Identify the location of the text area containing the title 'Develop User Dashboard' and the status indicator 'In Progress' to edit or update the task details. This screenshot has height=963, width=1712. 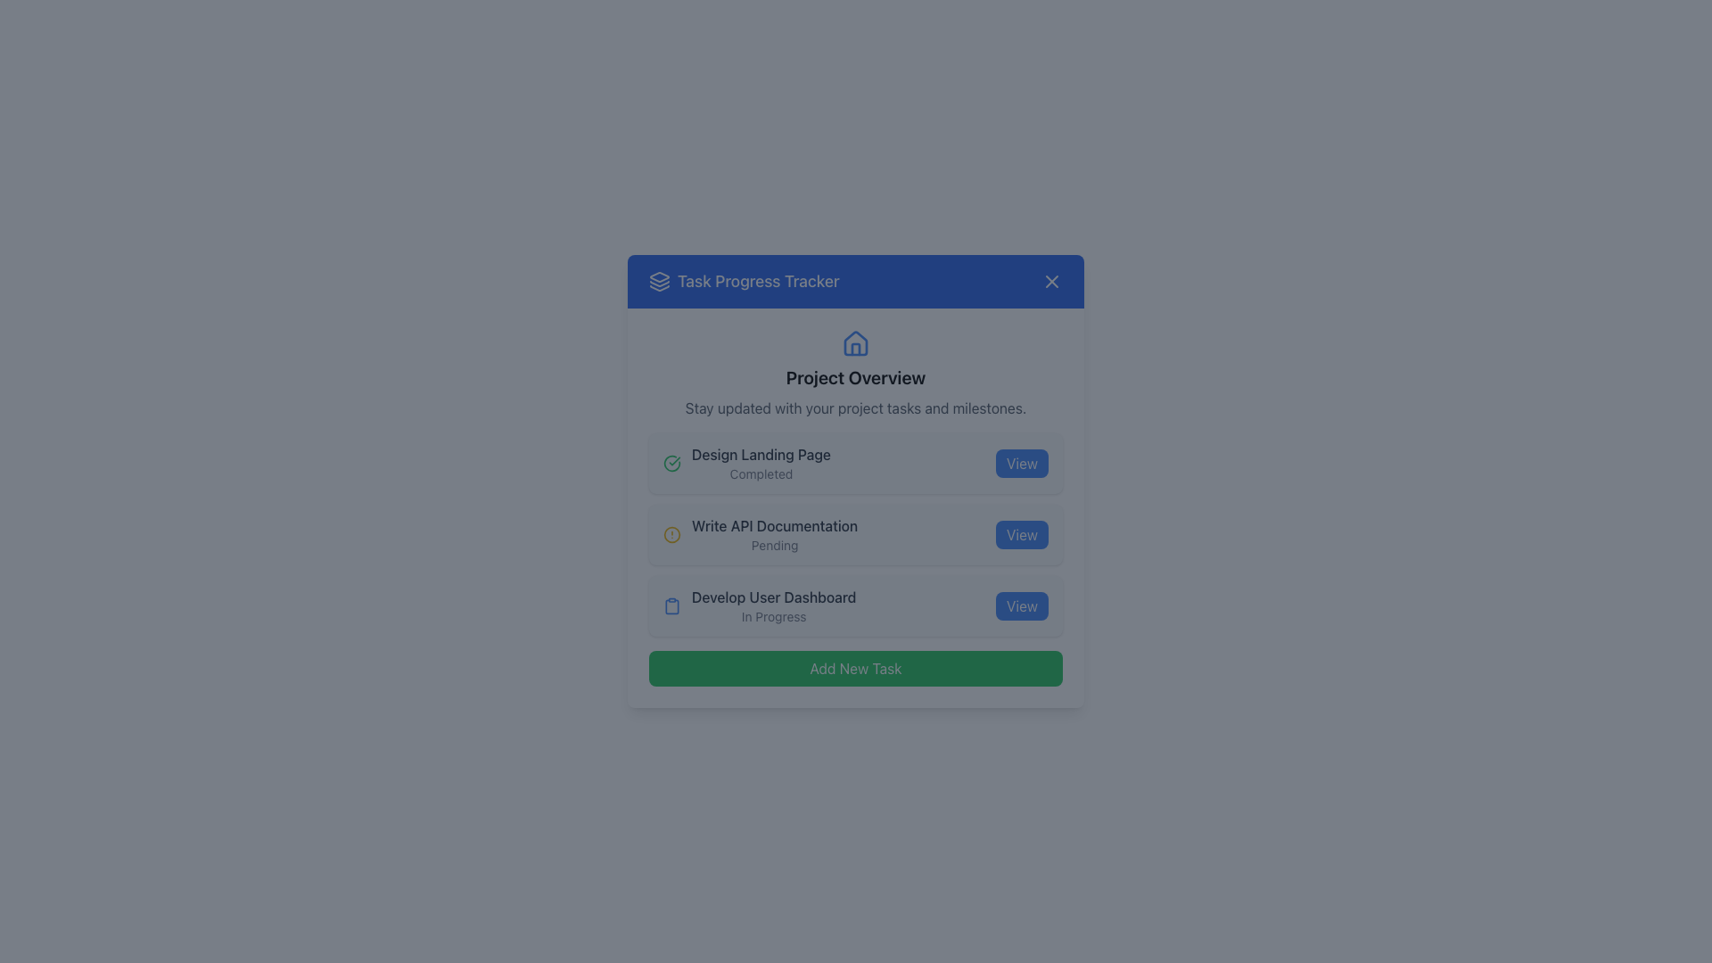
(774, 605).